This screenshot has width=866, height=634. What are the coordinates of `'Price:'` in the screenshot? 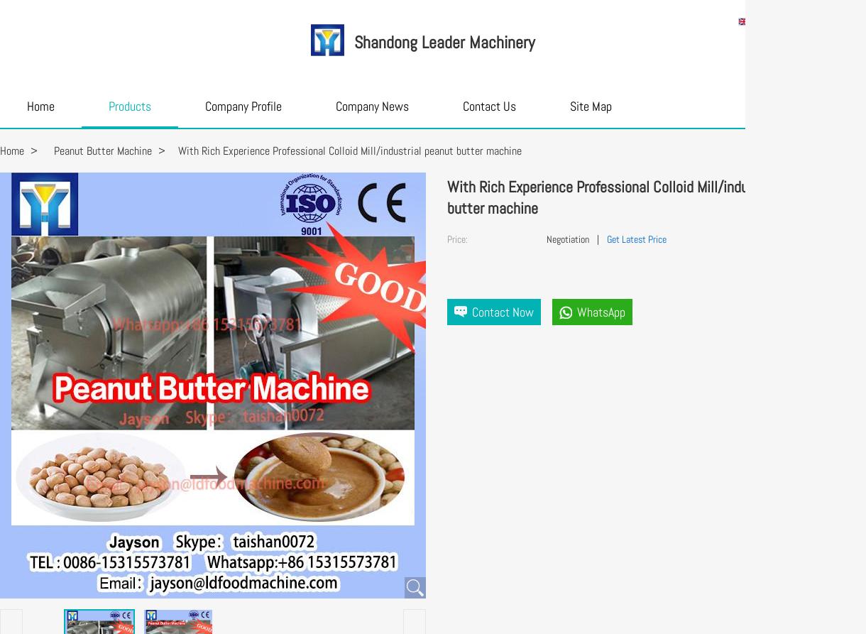 It's located at (447, 239).